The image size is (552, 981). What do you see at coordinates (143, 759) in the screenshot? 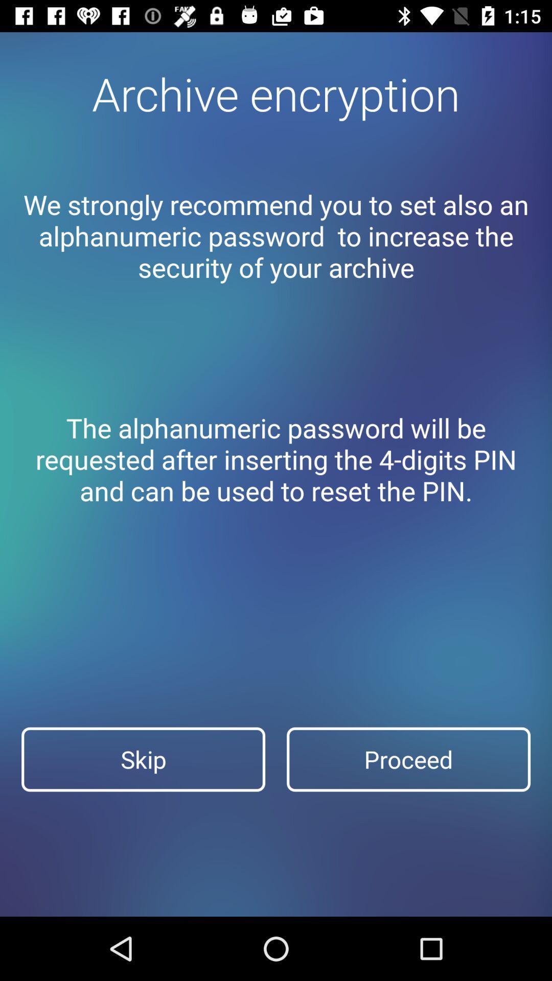
I see `the icon next to proceed item` at bounding box center [143, 759].